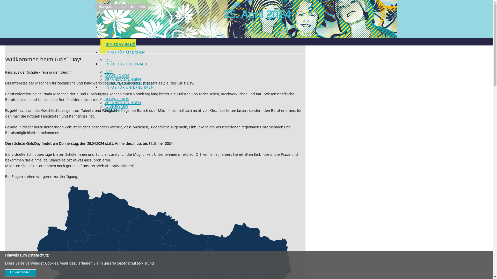 The height and width of the screenshot is (279, 497). I want to click on 'DASHBOARD', so click(116, 107).